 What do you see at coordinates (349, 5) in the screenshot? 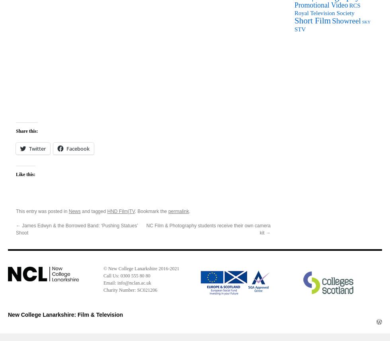
I see `'RCS'` at bounding box center [349, 5].